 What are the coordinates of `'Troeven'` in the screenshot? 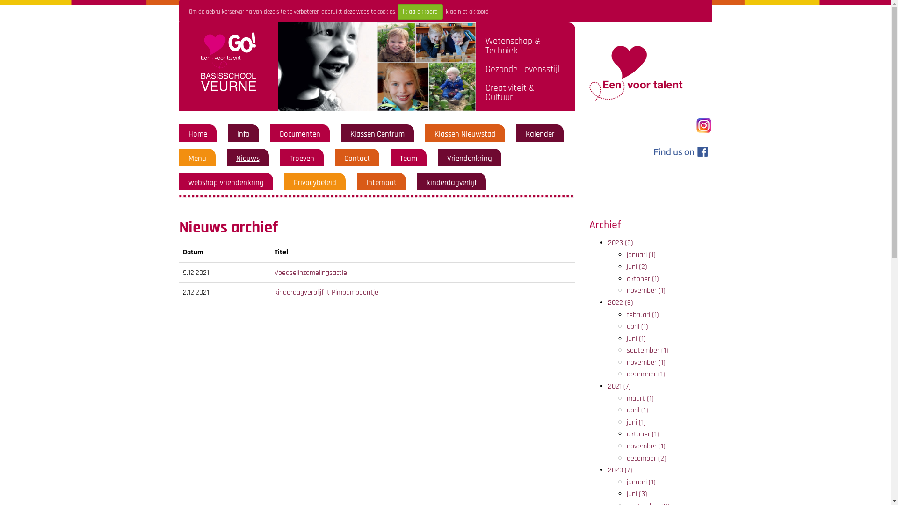 It's located at (301, 158).